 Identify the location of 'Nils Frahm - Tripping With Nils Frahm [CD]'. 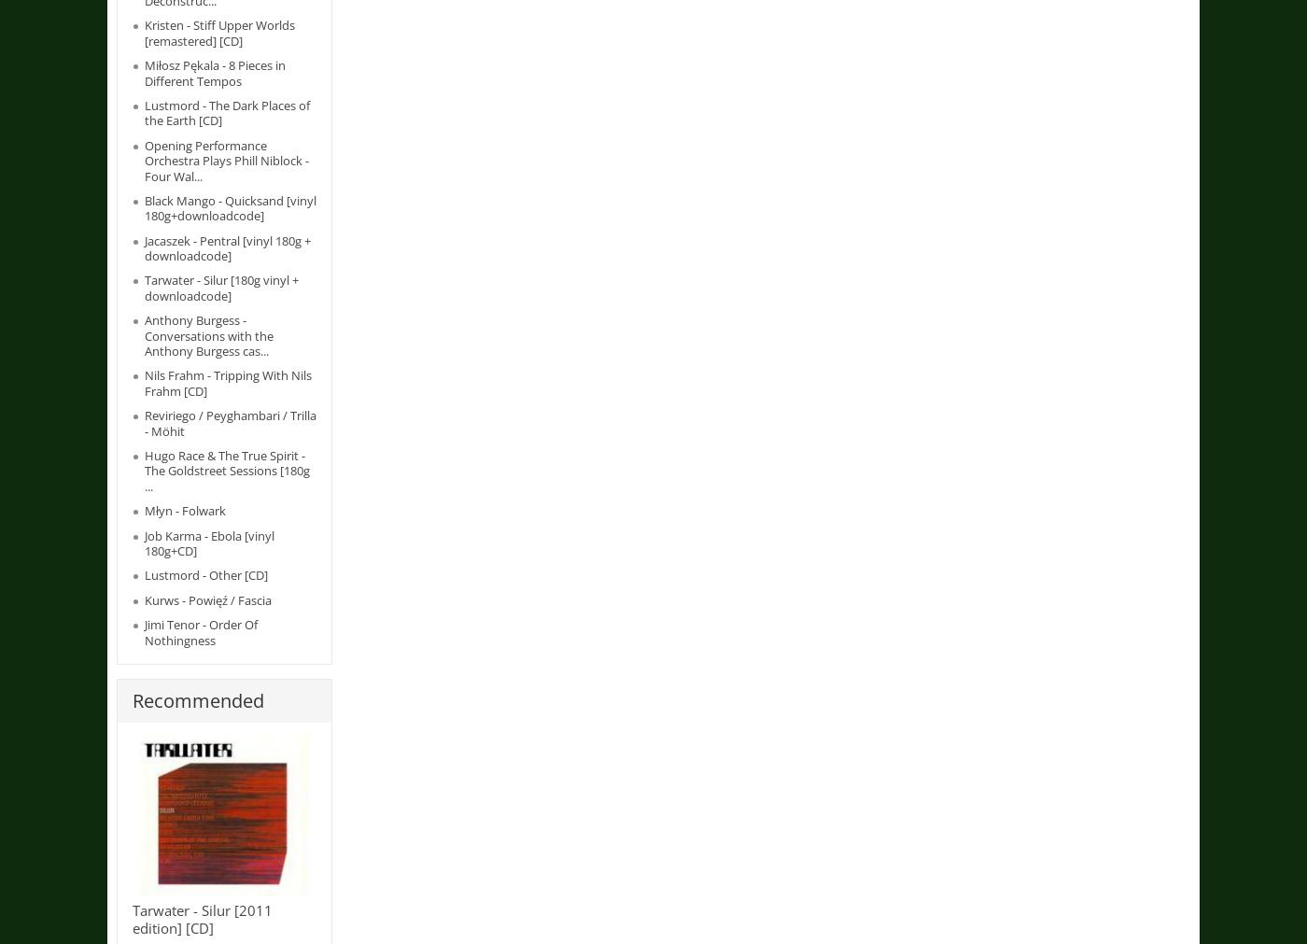
(228, 381).